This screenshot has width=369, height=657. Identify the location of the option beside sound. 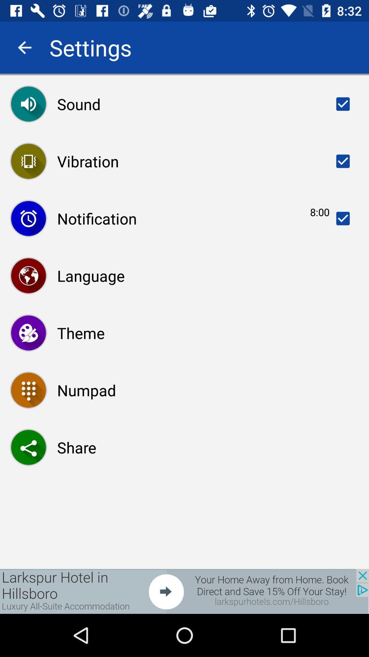
(343, 104).